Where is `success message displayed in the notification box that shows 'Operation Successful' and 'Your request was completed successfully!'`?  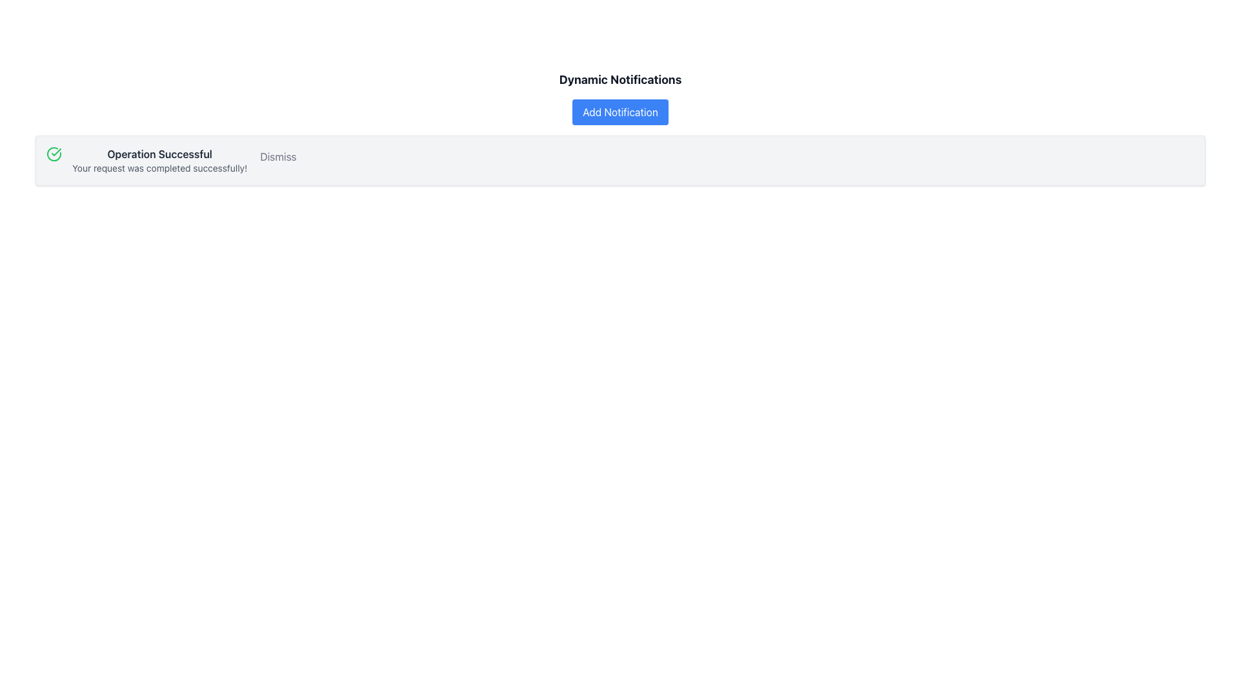
success message displayed in the notification box that shows 'Operation Successful' and 'Your request was completed successfully!' is located at coordinates (159, 160).